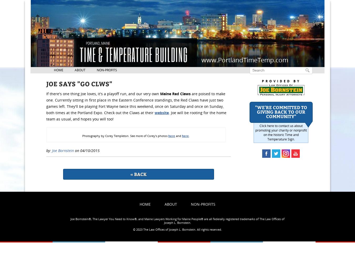  What do you see at coordinates (164, 222) in the screenshot?
I see `'Joseph L. Bornstein.'` at bounding box center [164, 222].